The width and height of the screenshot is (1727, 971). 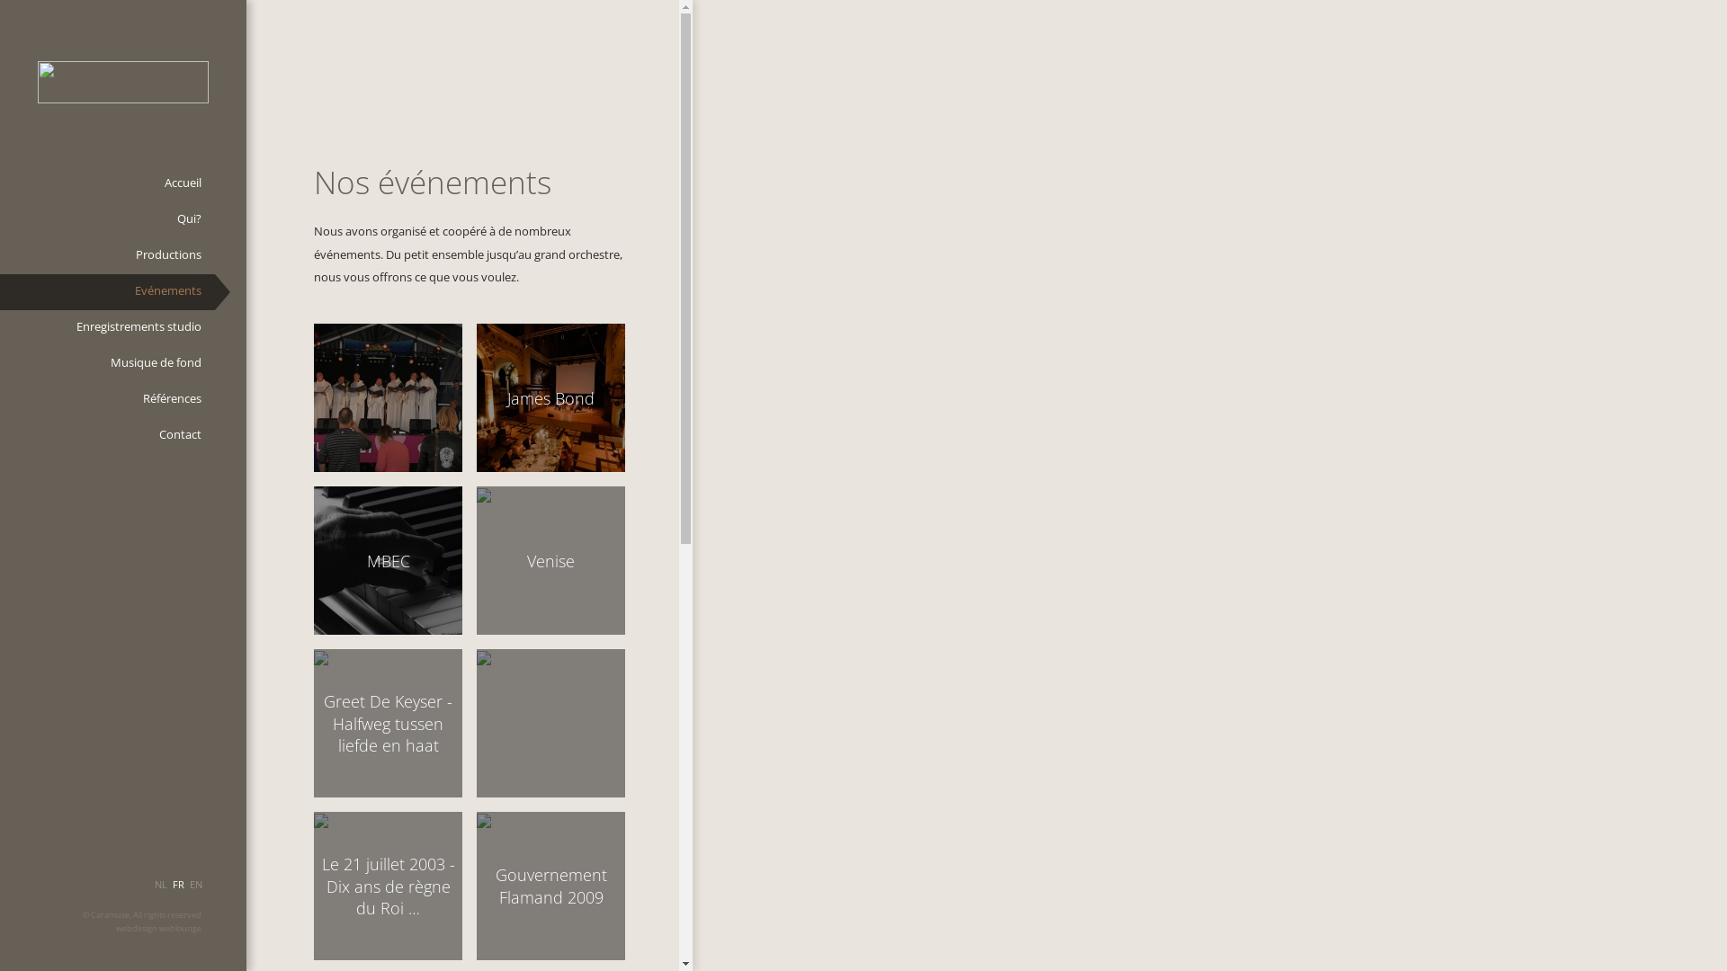 I want to click on 'MBEC', so click(x=387, y=559).